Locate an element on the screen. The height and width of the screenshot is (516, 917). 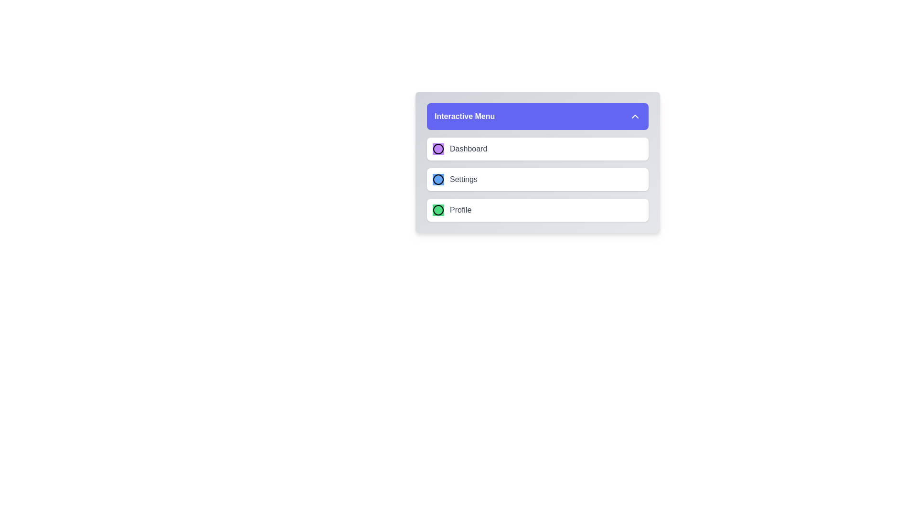
the menu item Profile is located at coordinates (538, 209).